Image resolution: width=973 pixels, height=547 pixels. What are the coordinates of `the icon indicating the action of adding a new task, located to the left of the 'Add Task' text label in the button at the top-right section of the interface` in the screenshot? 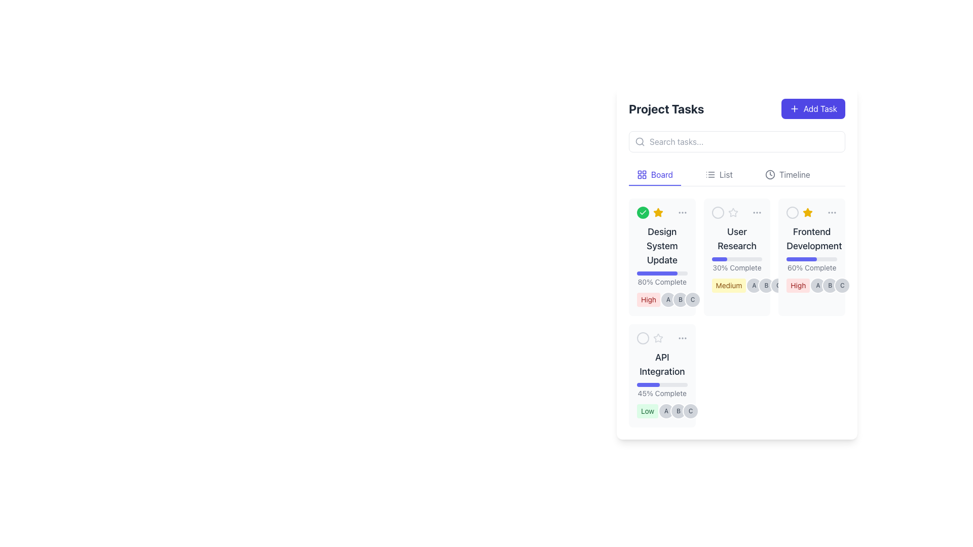 It's located at (794, 109).